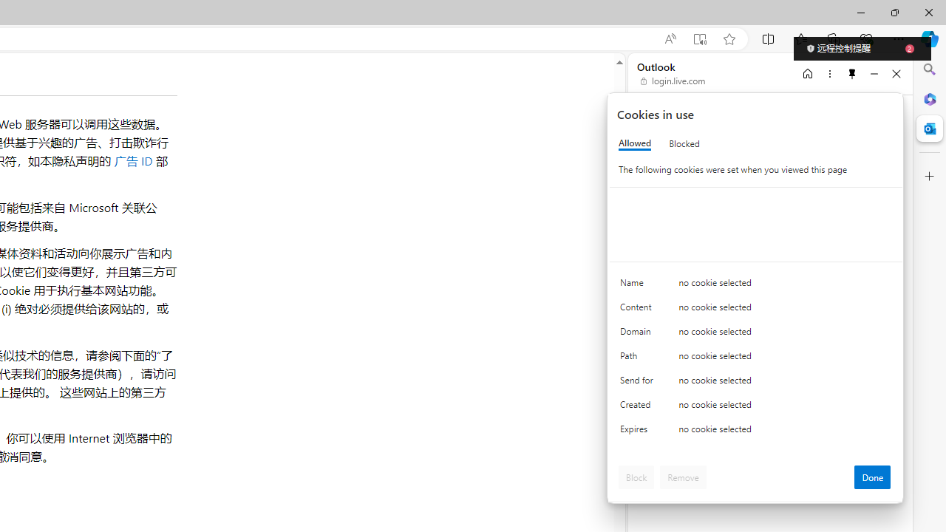 This screenshot has height=532, width=946. I want to click on 'Block', so click(636, 477).